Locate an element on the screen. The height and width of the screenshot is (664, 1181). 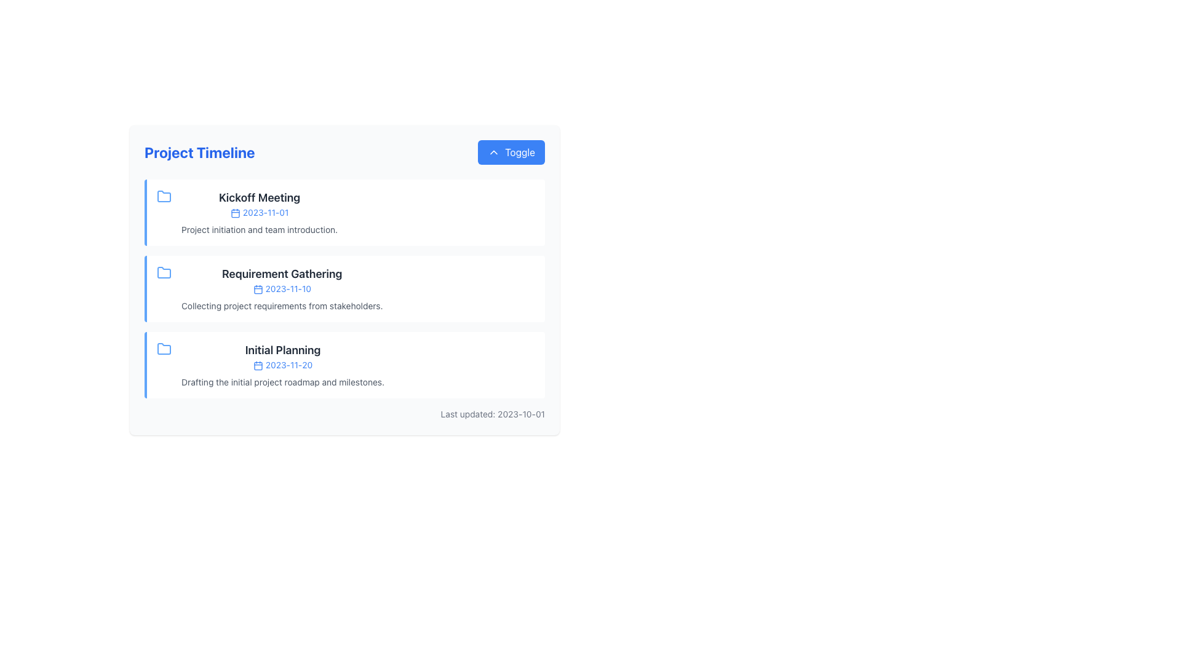
the calendar icon which is part of the timeline interface, located to the left of the '2023-11-01' text and associated with the 'Kickoff Meeting' entry is located at coordinates (235, 213).